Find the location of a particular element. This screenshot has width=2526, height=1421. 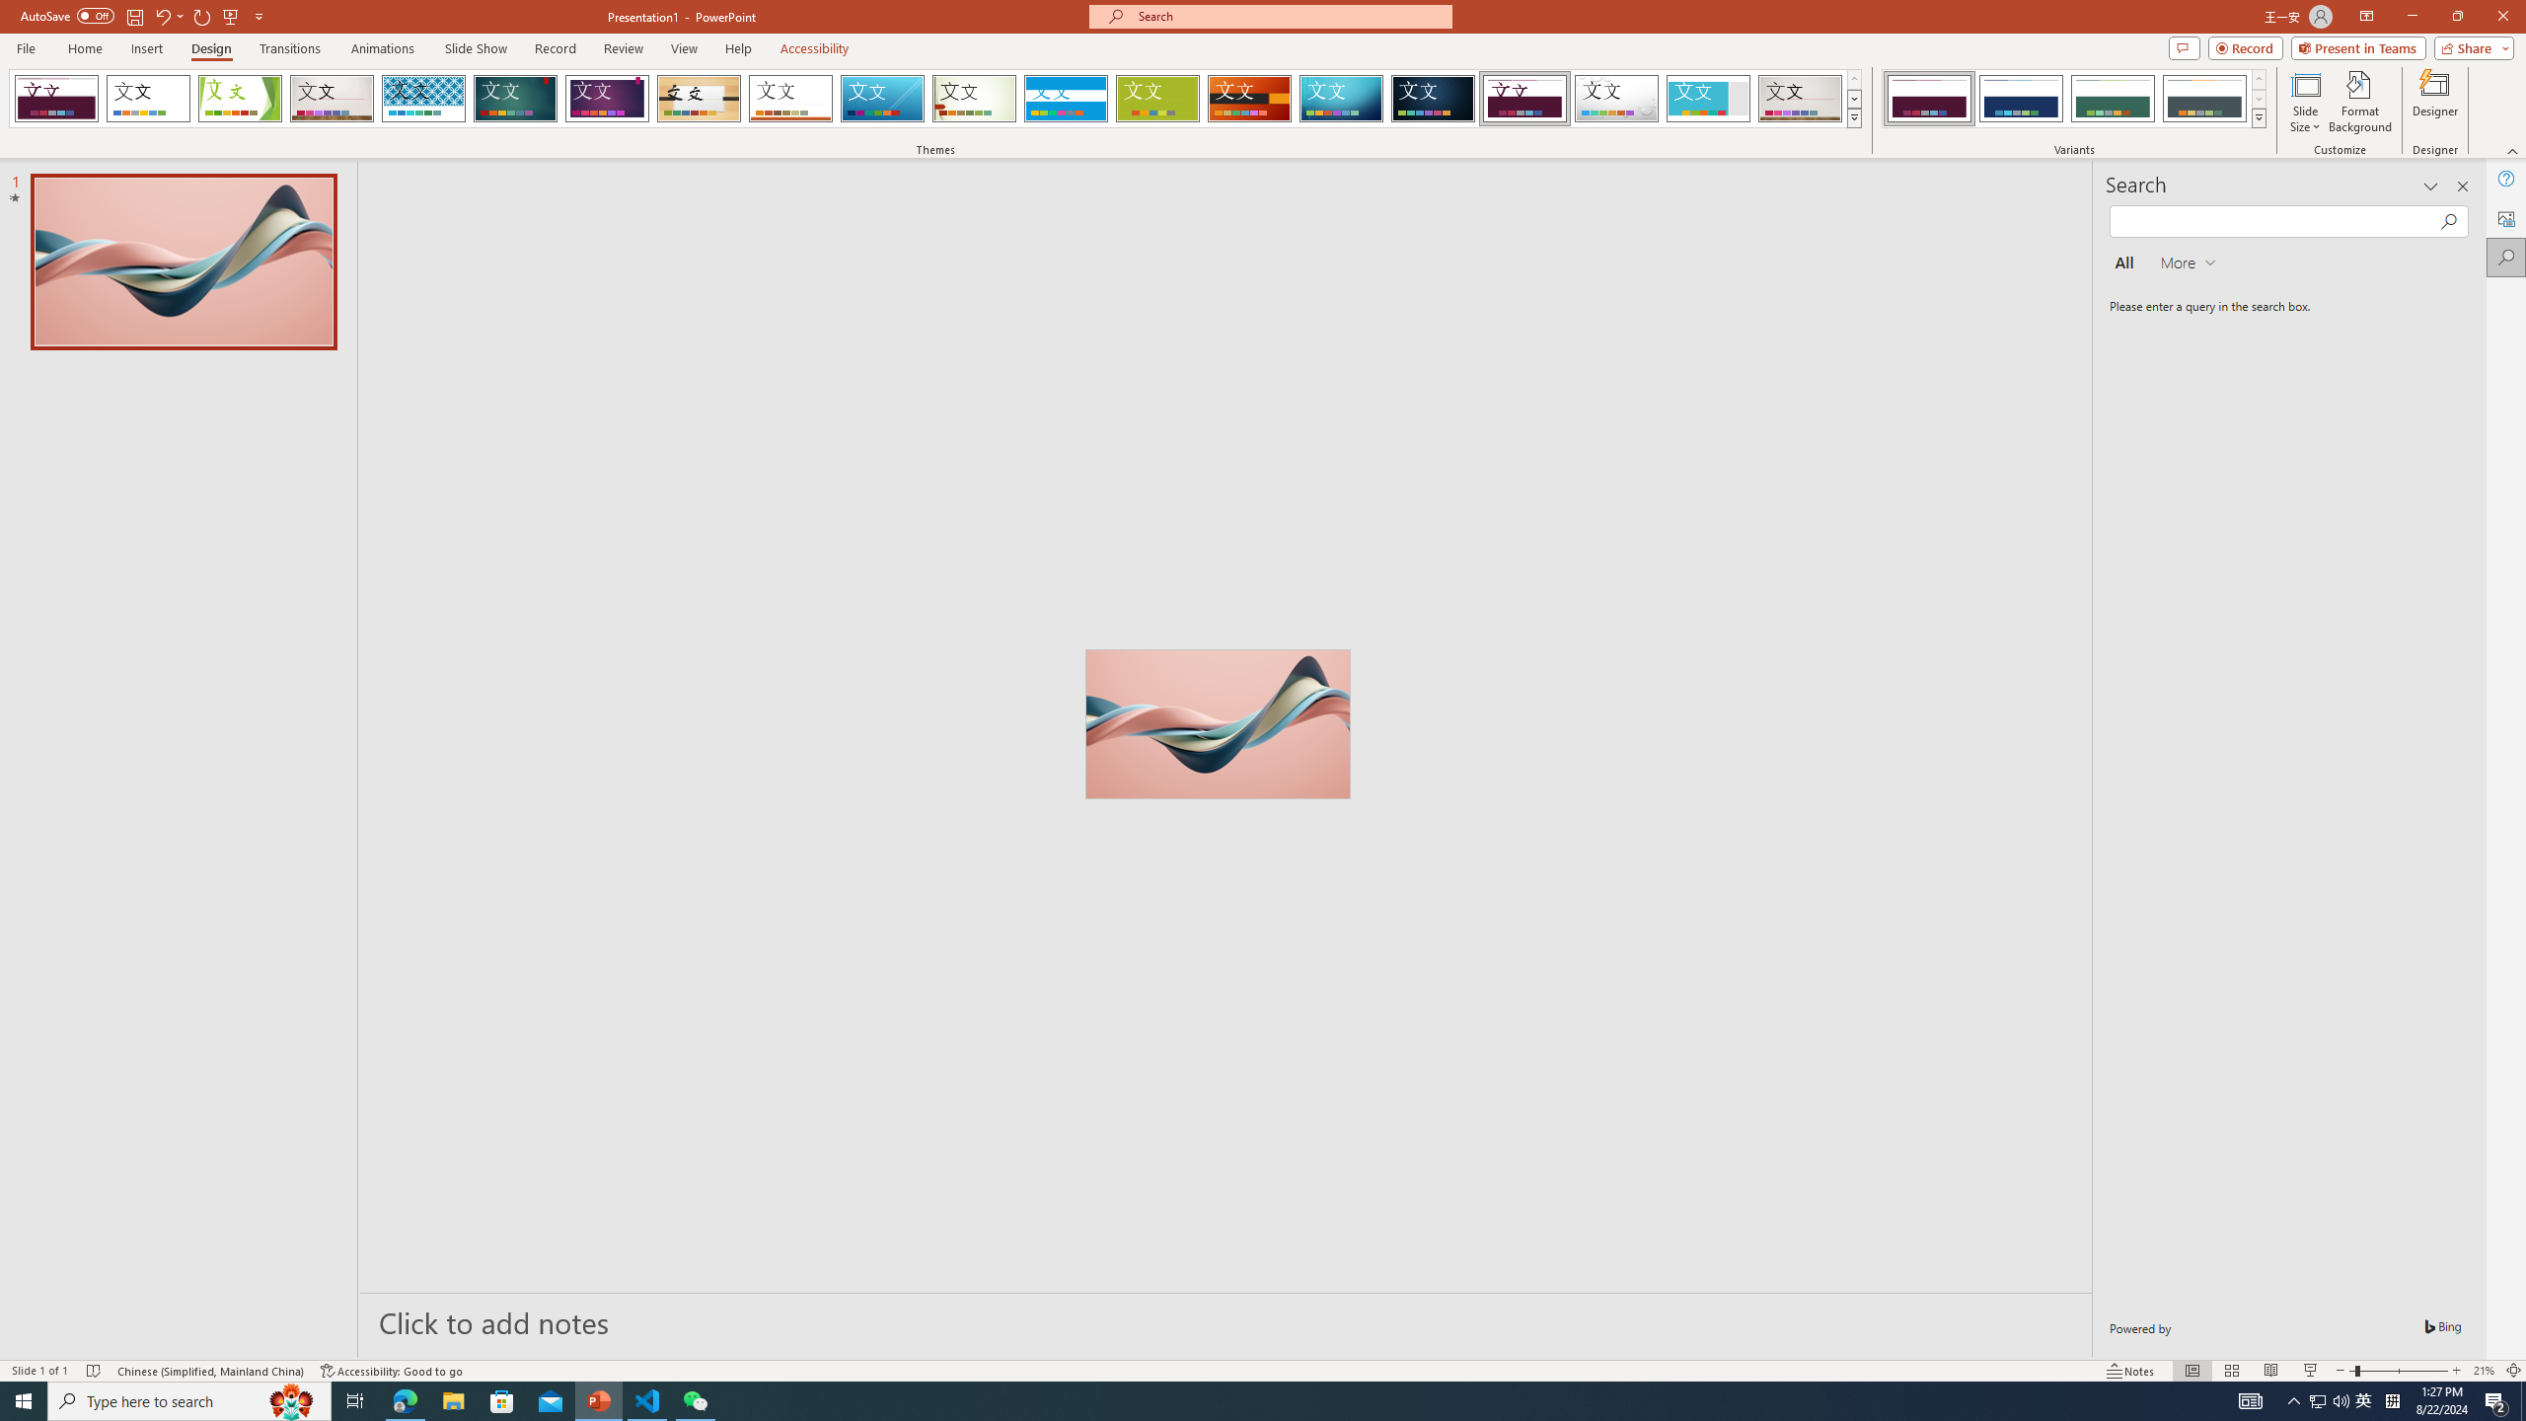

'Facet' is located at coordinates (239, 98).